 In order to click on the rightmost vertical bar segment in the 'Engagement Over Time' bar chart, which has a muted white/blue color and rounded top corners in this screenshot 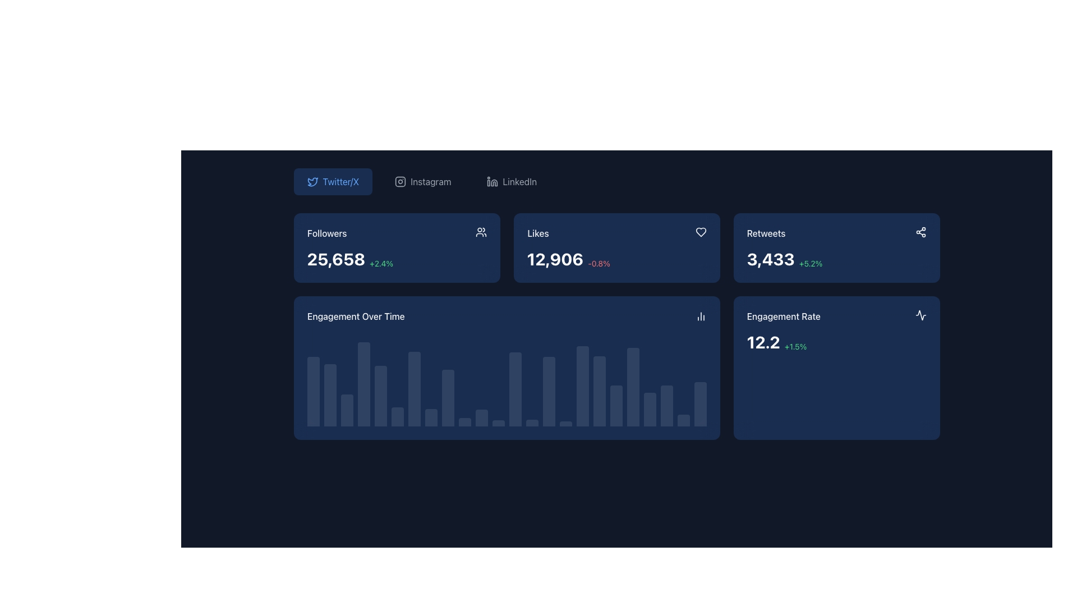, I will do `click(699, 404)`.